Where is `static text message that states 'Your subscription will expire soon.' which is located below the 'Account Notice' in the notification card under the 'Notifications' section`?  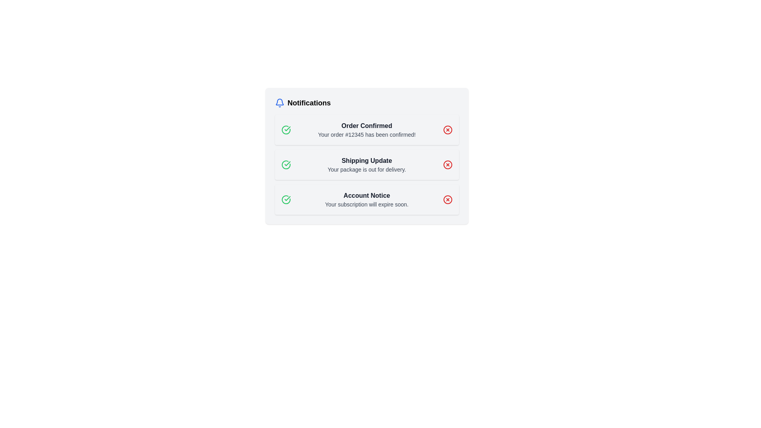 static text message that states 'Your subscription will expire soon.' which is located below the 'Account Notice' in the notification card under the 'Notifications' section is located at coordinates (366, 204).